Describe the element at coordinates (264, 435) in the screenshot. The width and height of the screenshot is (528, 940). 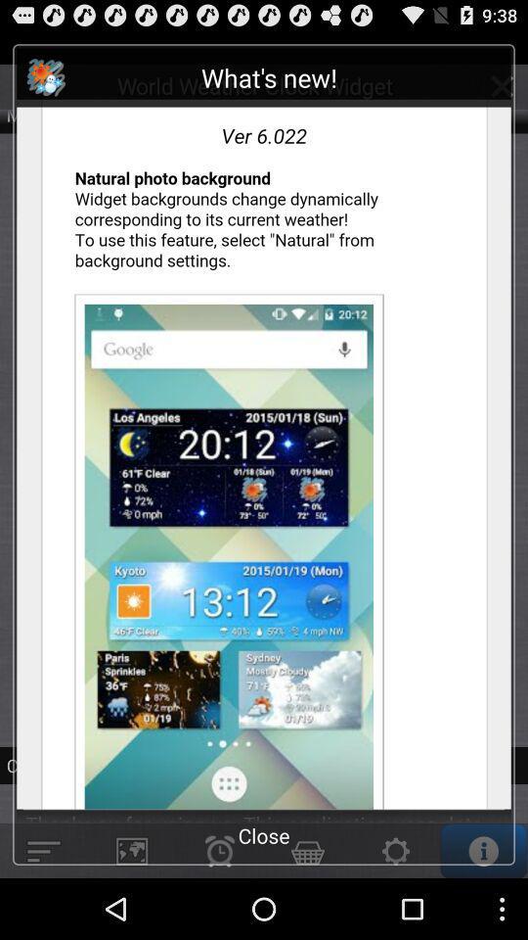
I see `whats new details` at that location.